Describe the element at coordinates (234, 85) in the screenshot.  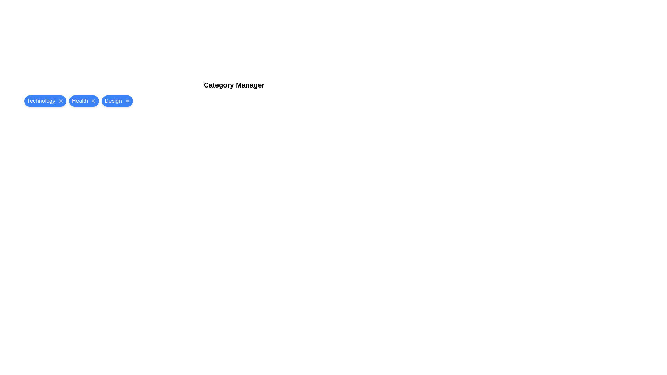
I see `the title text 'Category Manager' to inspect it` at that location.